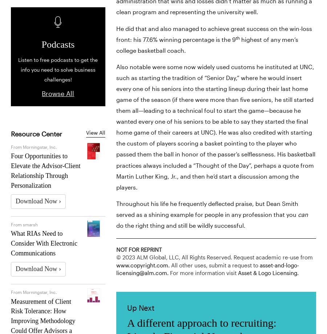  What do you see at coordinates (58, 44) in the screenshot?
I see `'Podcasts'` at bounding box center [58, 44].